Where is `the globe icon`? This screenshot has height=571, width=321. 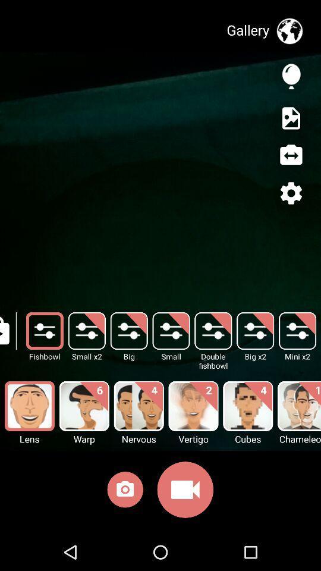 the globe icon is located at coordinates (289, 30).